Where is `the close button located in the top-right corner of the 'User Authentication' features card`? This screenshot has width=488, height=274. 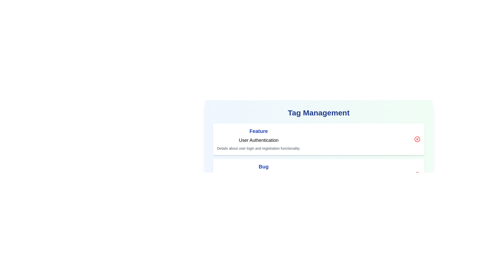 the close button located in the top-right corner of the 'User Authentication' features card is located at coordinates (417, 139).